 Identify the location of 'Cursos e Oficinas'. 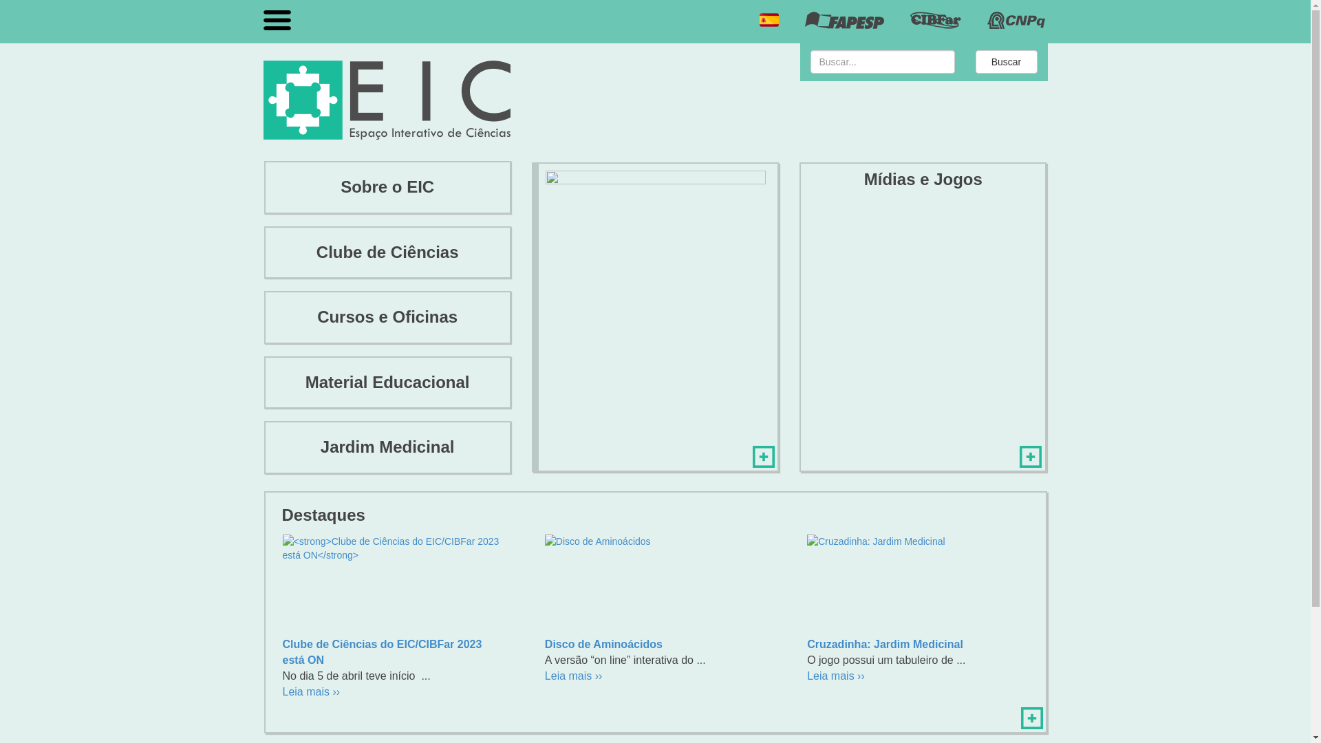
(387, 317).